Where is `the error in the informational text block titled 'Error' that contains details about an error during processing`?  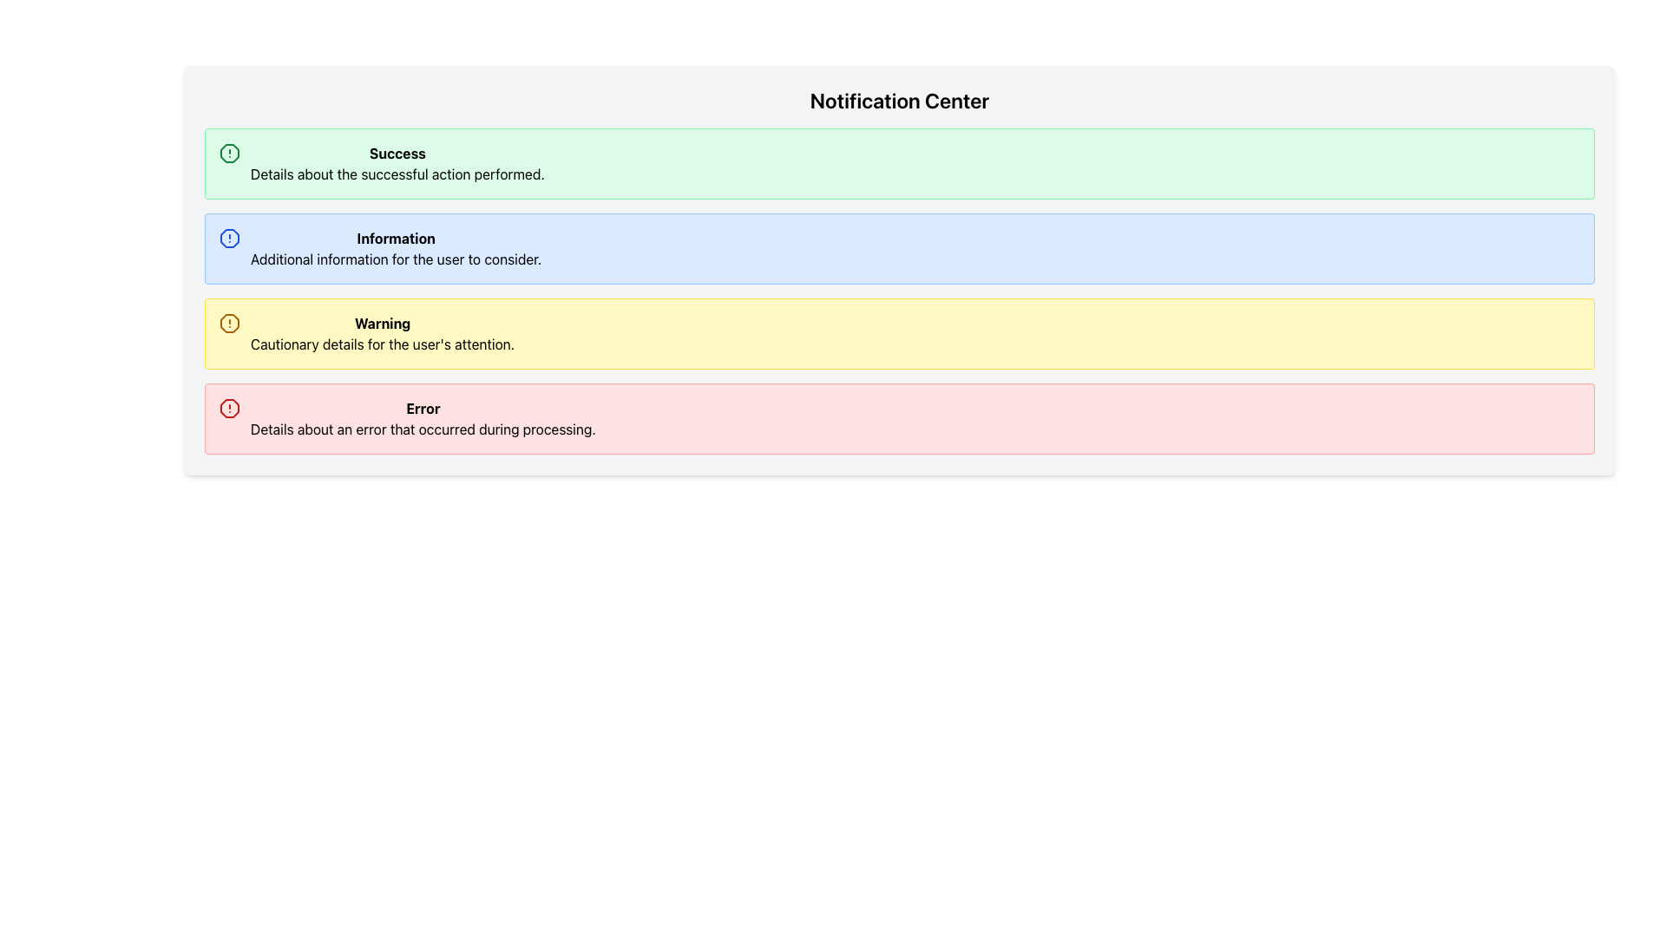 the error in the informational text block titled 'Error' that contains details about an error during processing is located at coordinates (423, 418).